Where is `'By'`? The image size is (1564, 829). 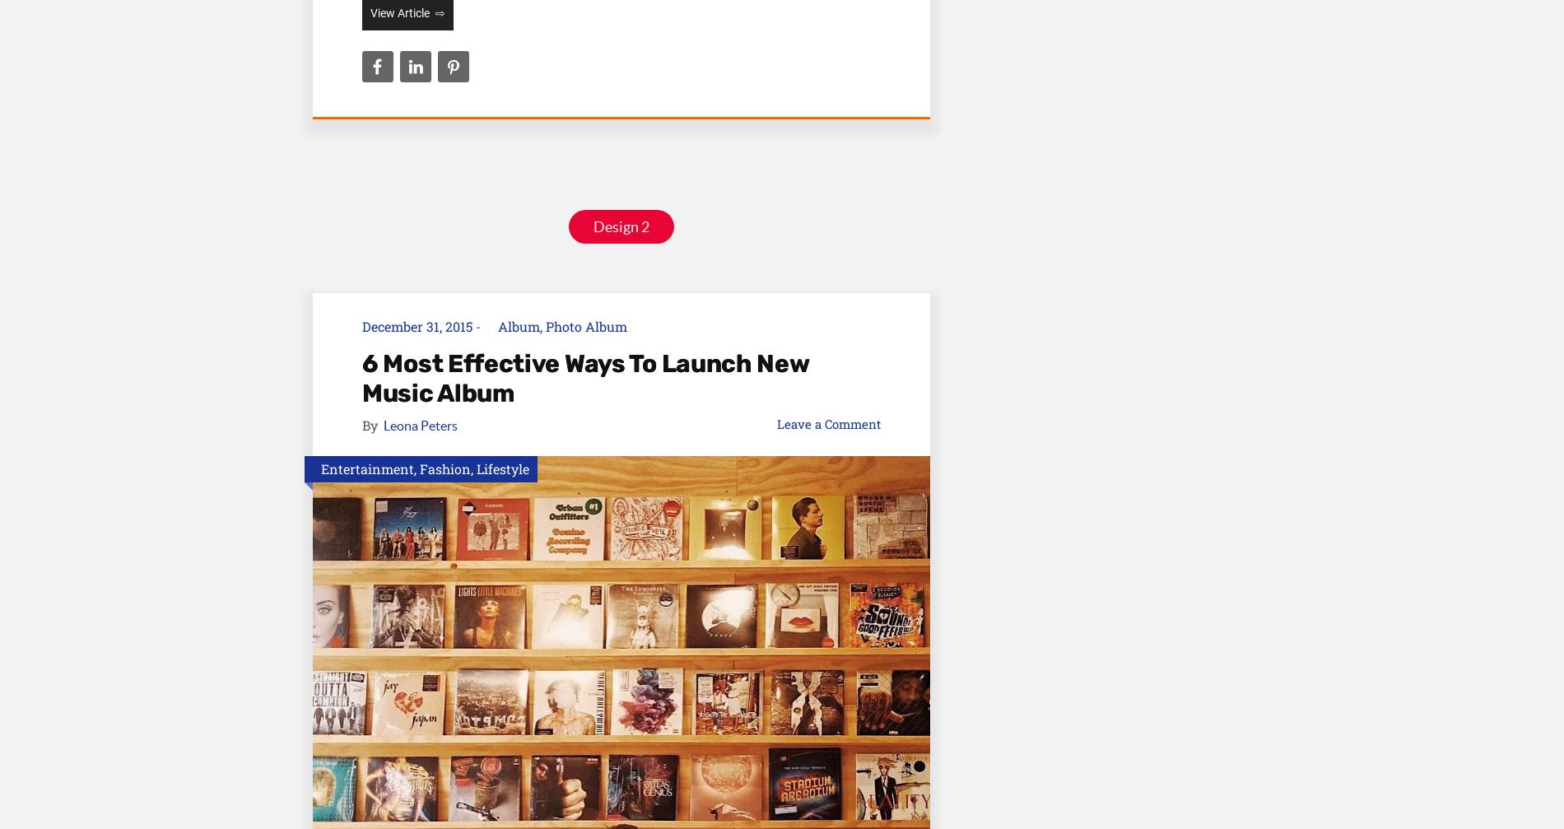 'By' is located at coordinates (370, 424).